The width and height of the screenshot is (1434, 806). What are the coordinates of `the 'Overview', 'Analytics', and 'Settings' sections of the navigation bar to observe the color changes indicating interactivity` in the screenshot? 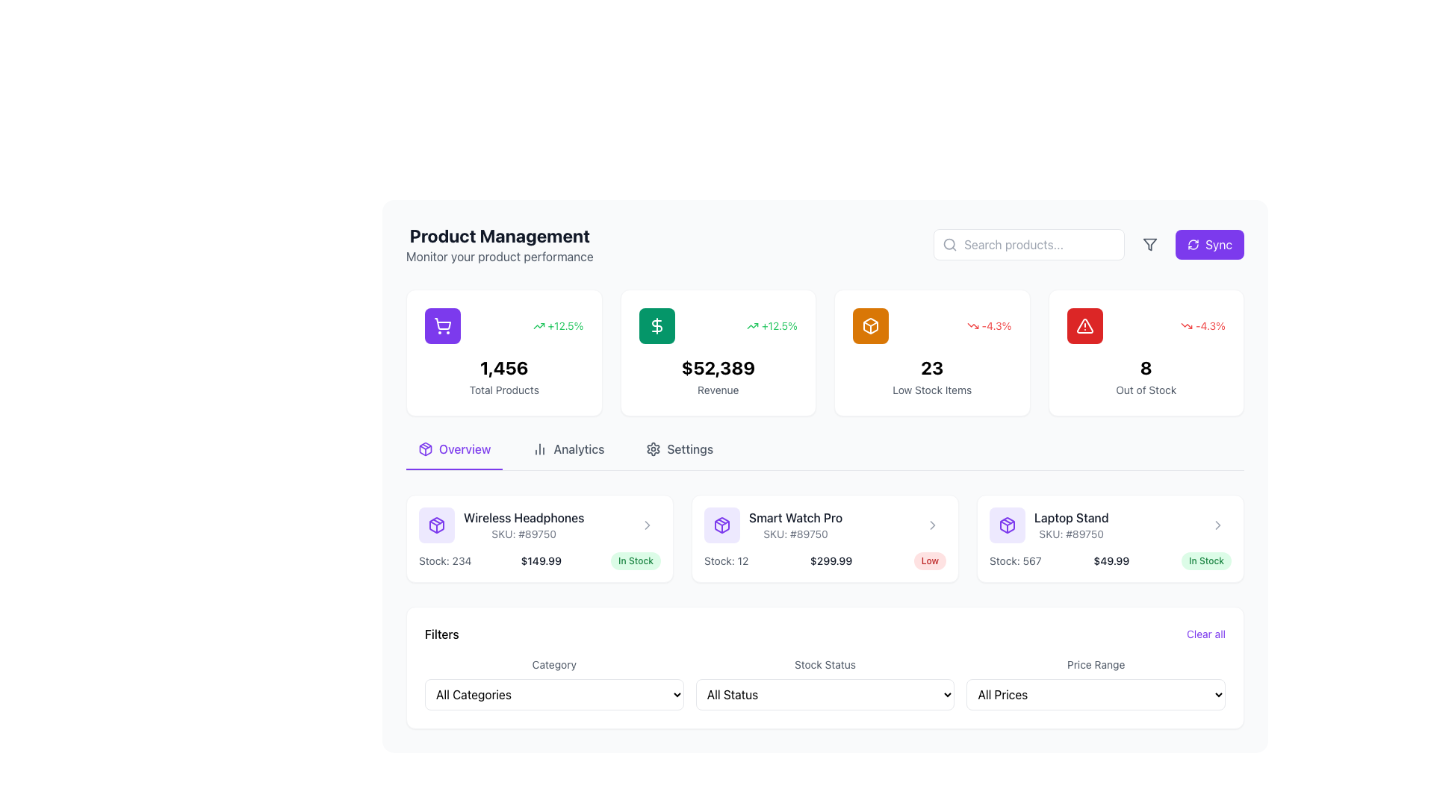 It's located at (824, 454).